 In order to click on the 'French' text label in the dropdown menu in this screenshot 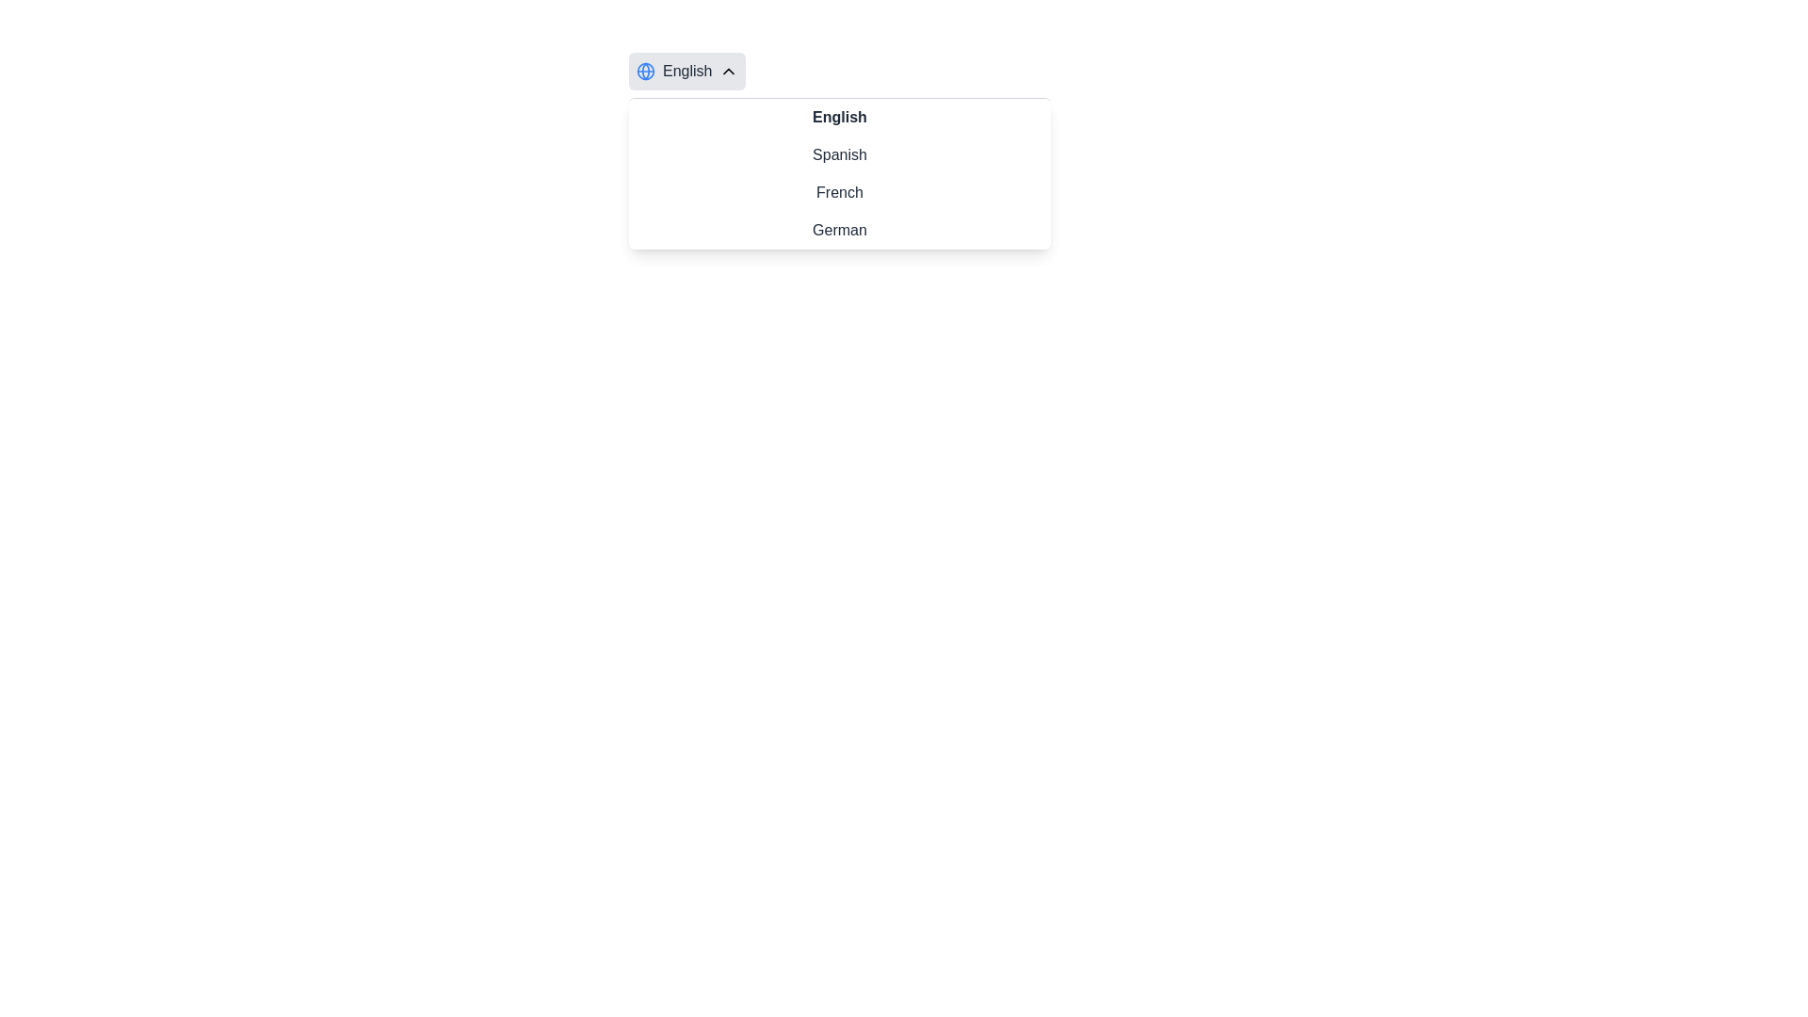, I will do `click(839, 192)`.